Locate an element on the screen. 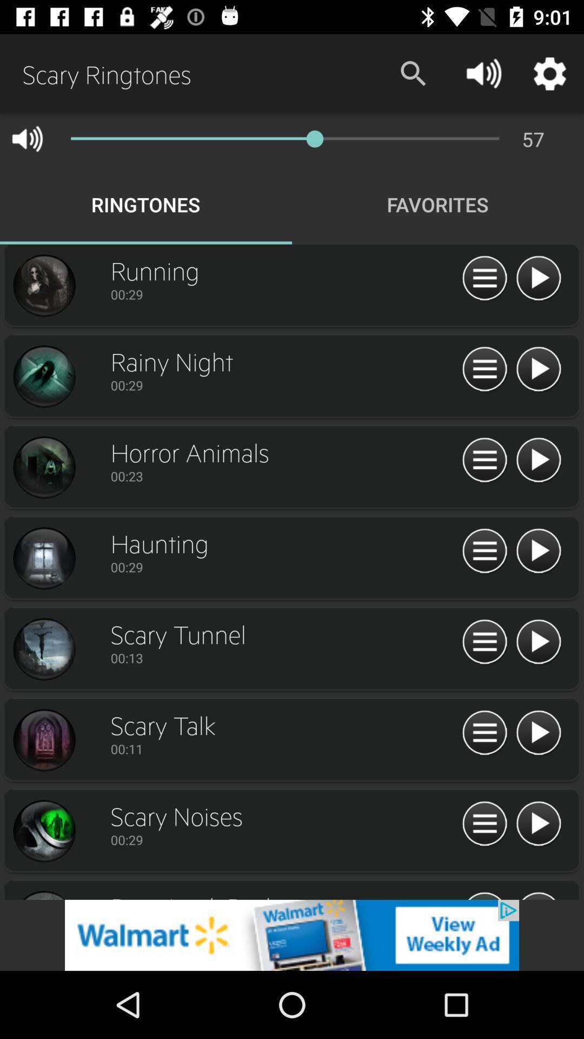 The image size is (584, 1039). rainy night is located at coordinates (538, 370).